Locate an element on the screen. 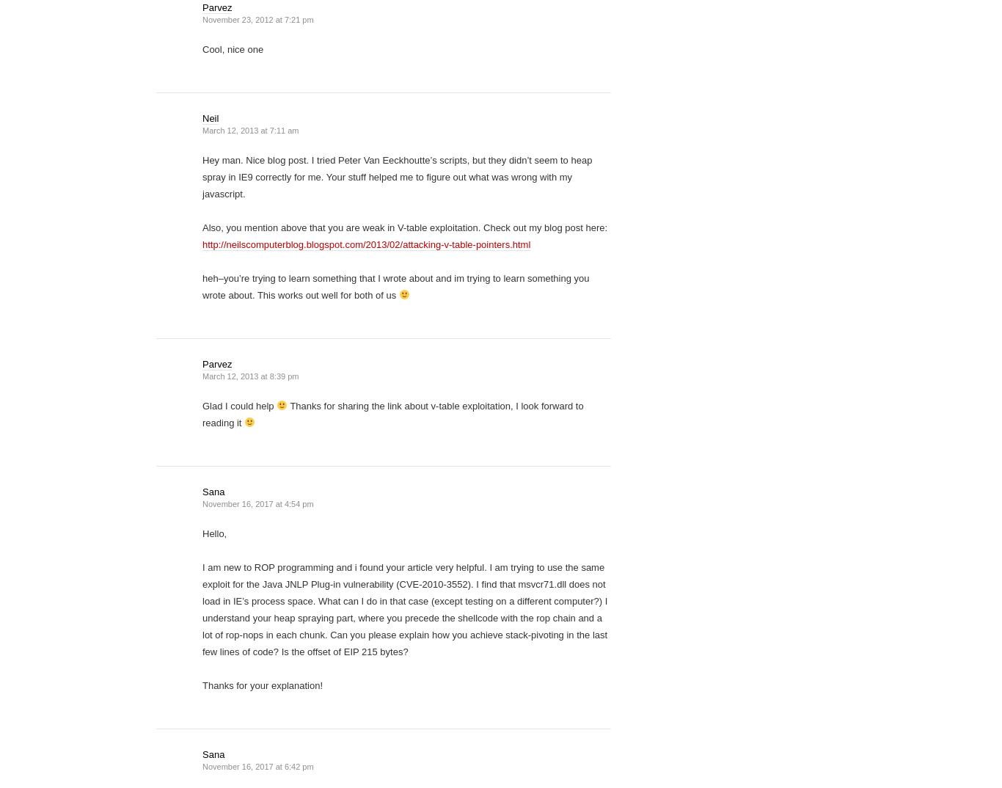  'Hello,' is located at coordinates (214, 533).